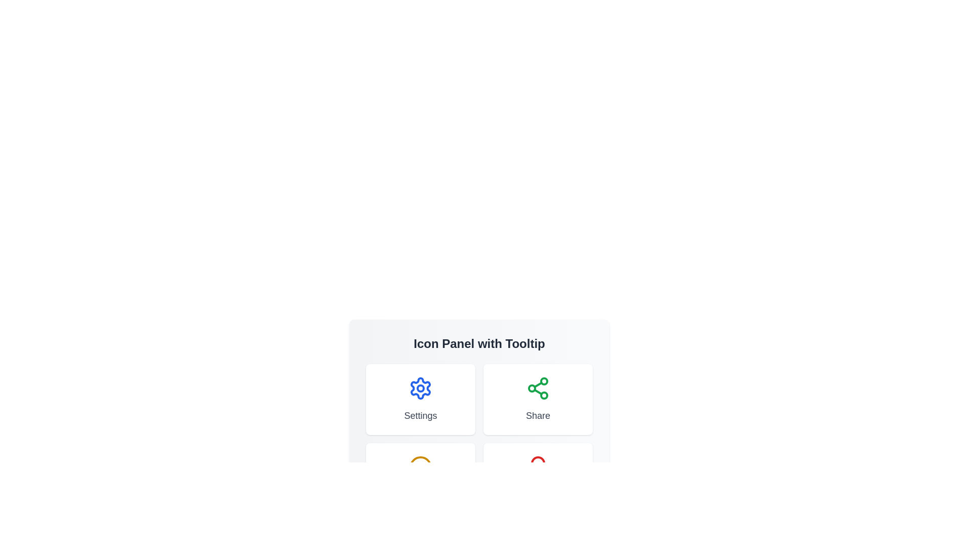 The image size is (972, 547). I want to click on the blue gear icon located in the top-left of the icon panel, which is above the 'Settings' label, so click(420, 388).